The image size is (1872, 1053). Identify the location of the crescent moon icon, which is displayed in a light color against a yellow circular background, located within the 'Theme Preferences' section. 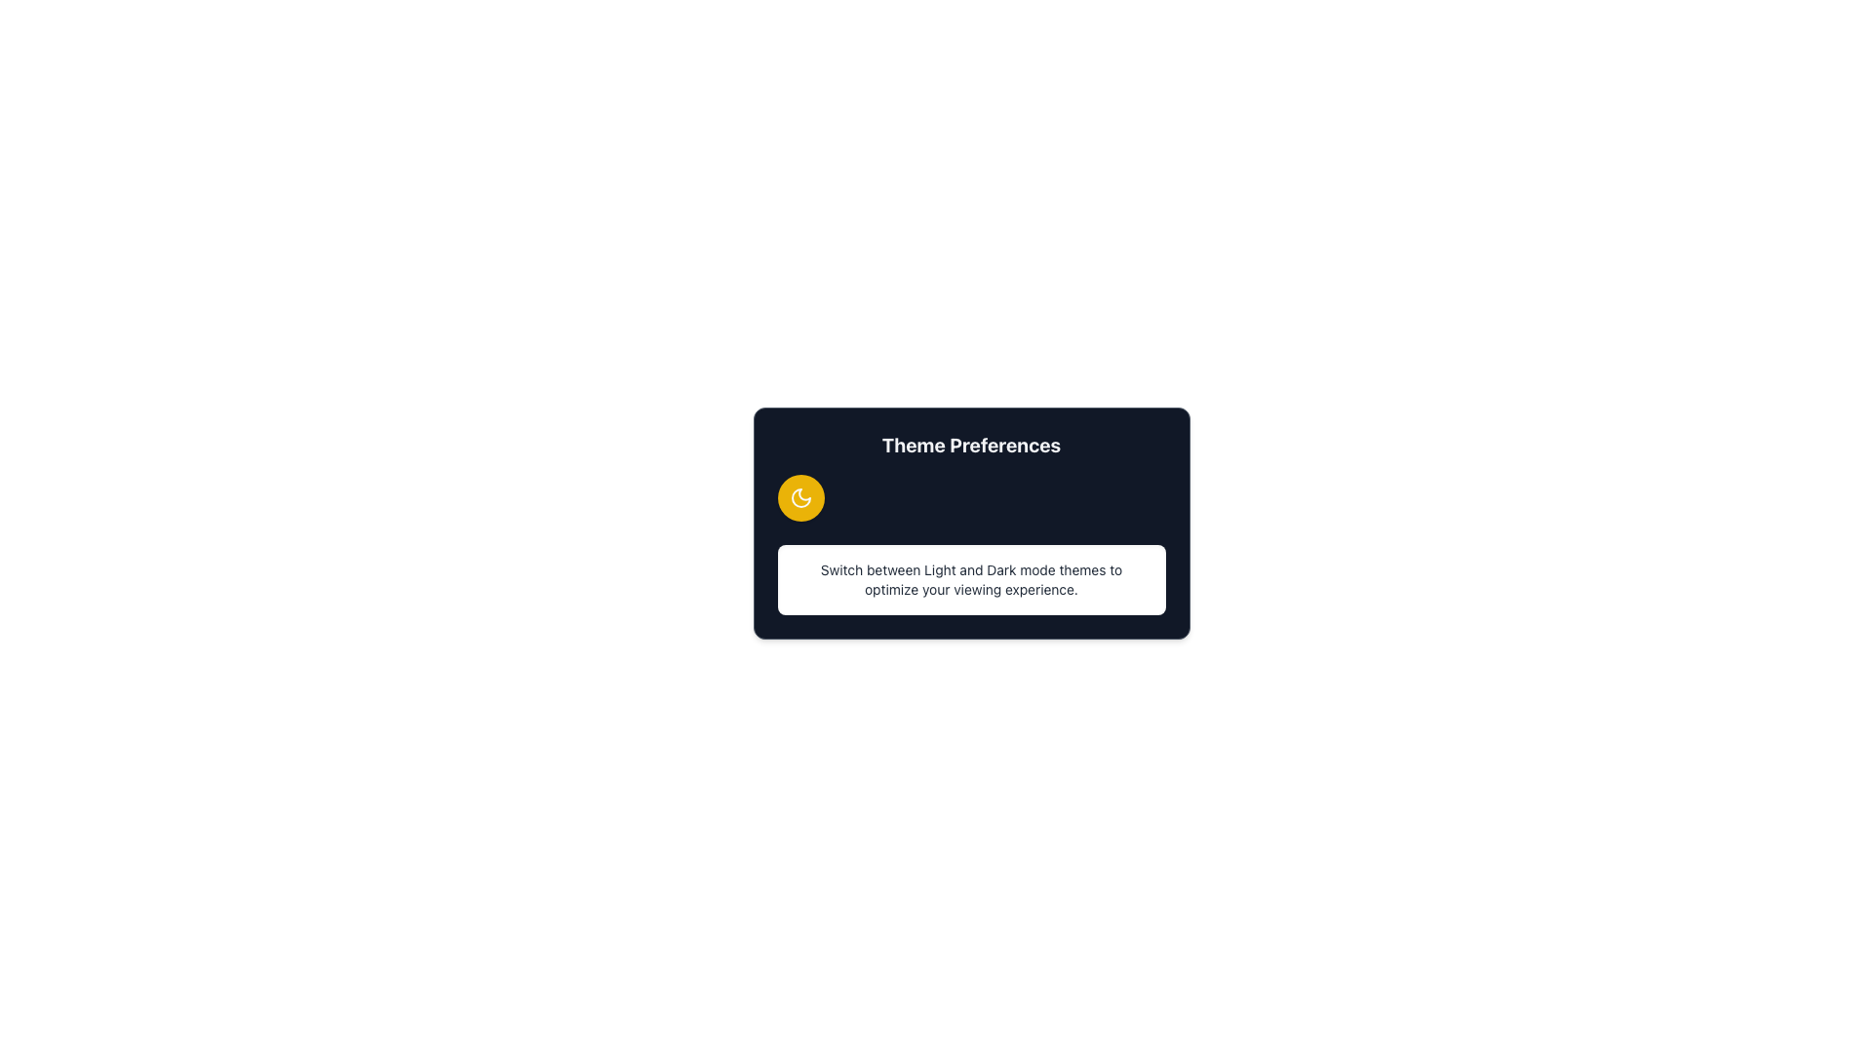
(800, 496).